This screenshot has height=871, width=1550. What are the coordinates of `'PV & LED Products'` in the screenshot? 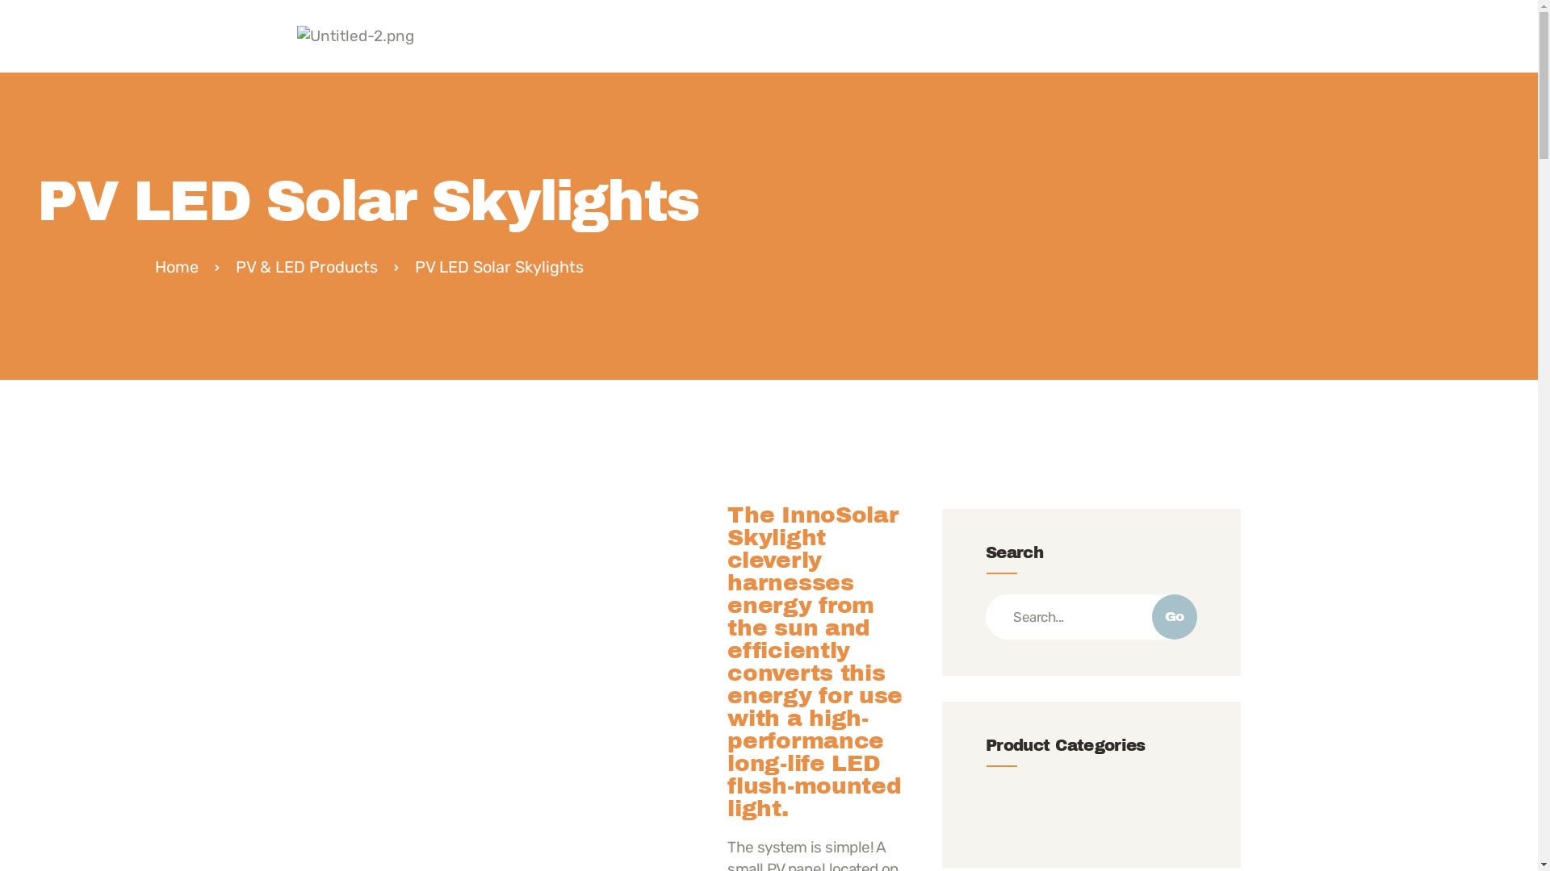 It's located at (235, 266).